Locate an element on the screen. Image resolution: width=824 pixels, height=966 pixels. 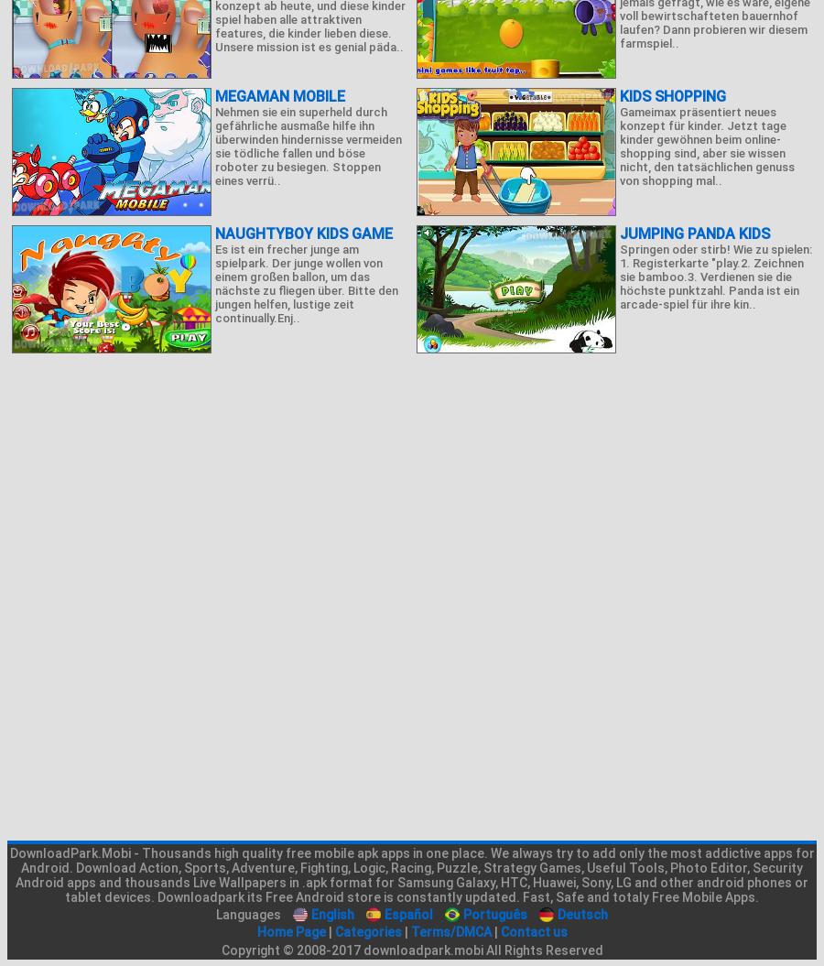
'Categories' is located at coordinates (334, 930).